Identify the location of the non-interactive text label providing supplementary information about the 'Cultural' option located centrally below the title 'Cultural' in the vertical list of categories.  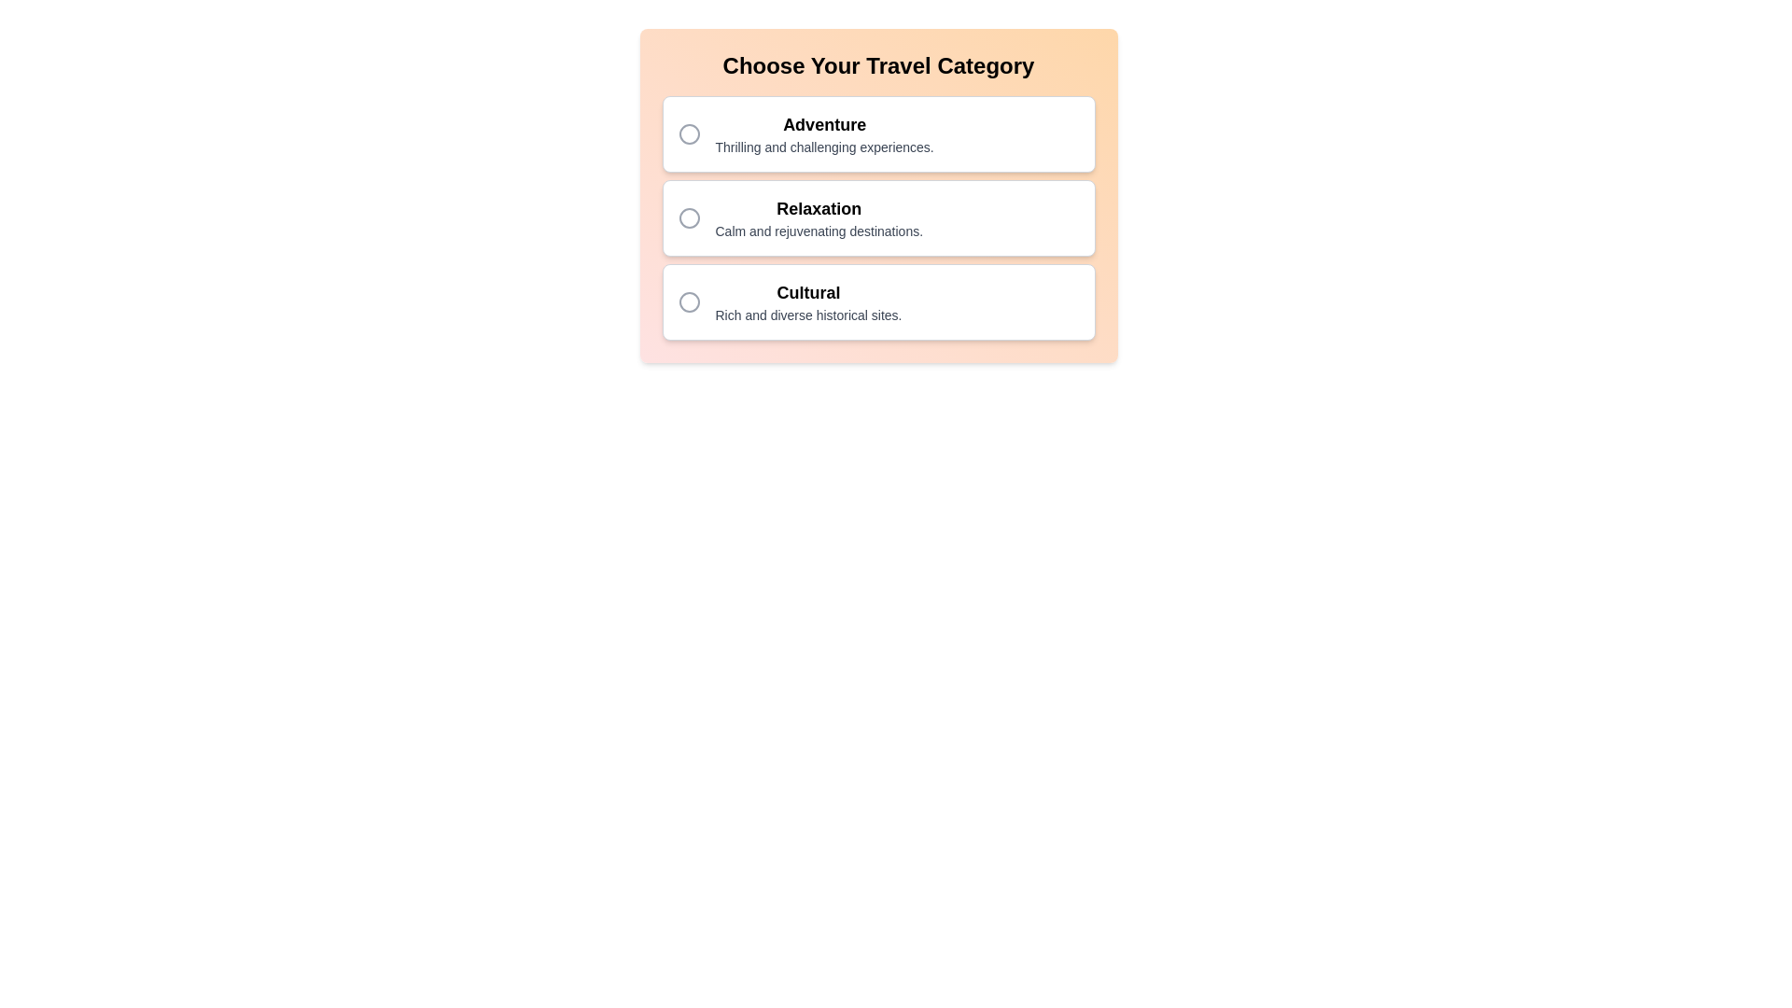
(808, 315).